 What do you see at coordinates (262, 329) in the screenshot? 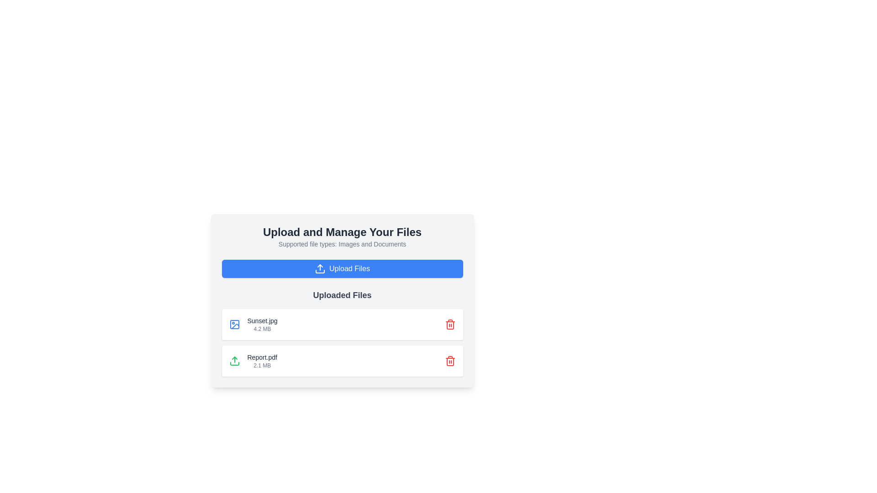
I see `information displayed in the text label showing '4.2 MB', which is located below the file name 'Sunset.jpg' in the file's detail card within the 'Uploaded Files' section` at bounding box center [262, 329].